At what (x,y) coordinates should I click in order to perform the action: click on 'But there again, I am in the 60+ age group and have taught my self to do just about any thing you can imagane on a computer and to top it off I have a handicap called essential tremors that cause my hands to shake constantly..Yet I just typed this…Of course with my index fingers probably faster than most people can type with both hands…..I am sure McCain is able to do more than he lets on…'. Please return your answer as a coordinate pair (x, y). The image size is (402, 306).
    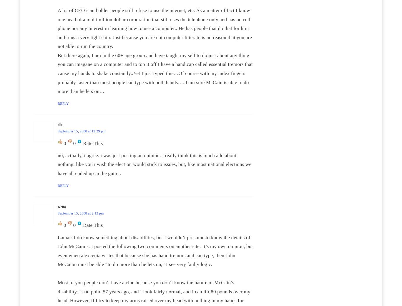
    Looking at the image, I should click on (155, 73).